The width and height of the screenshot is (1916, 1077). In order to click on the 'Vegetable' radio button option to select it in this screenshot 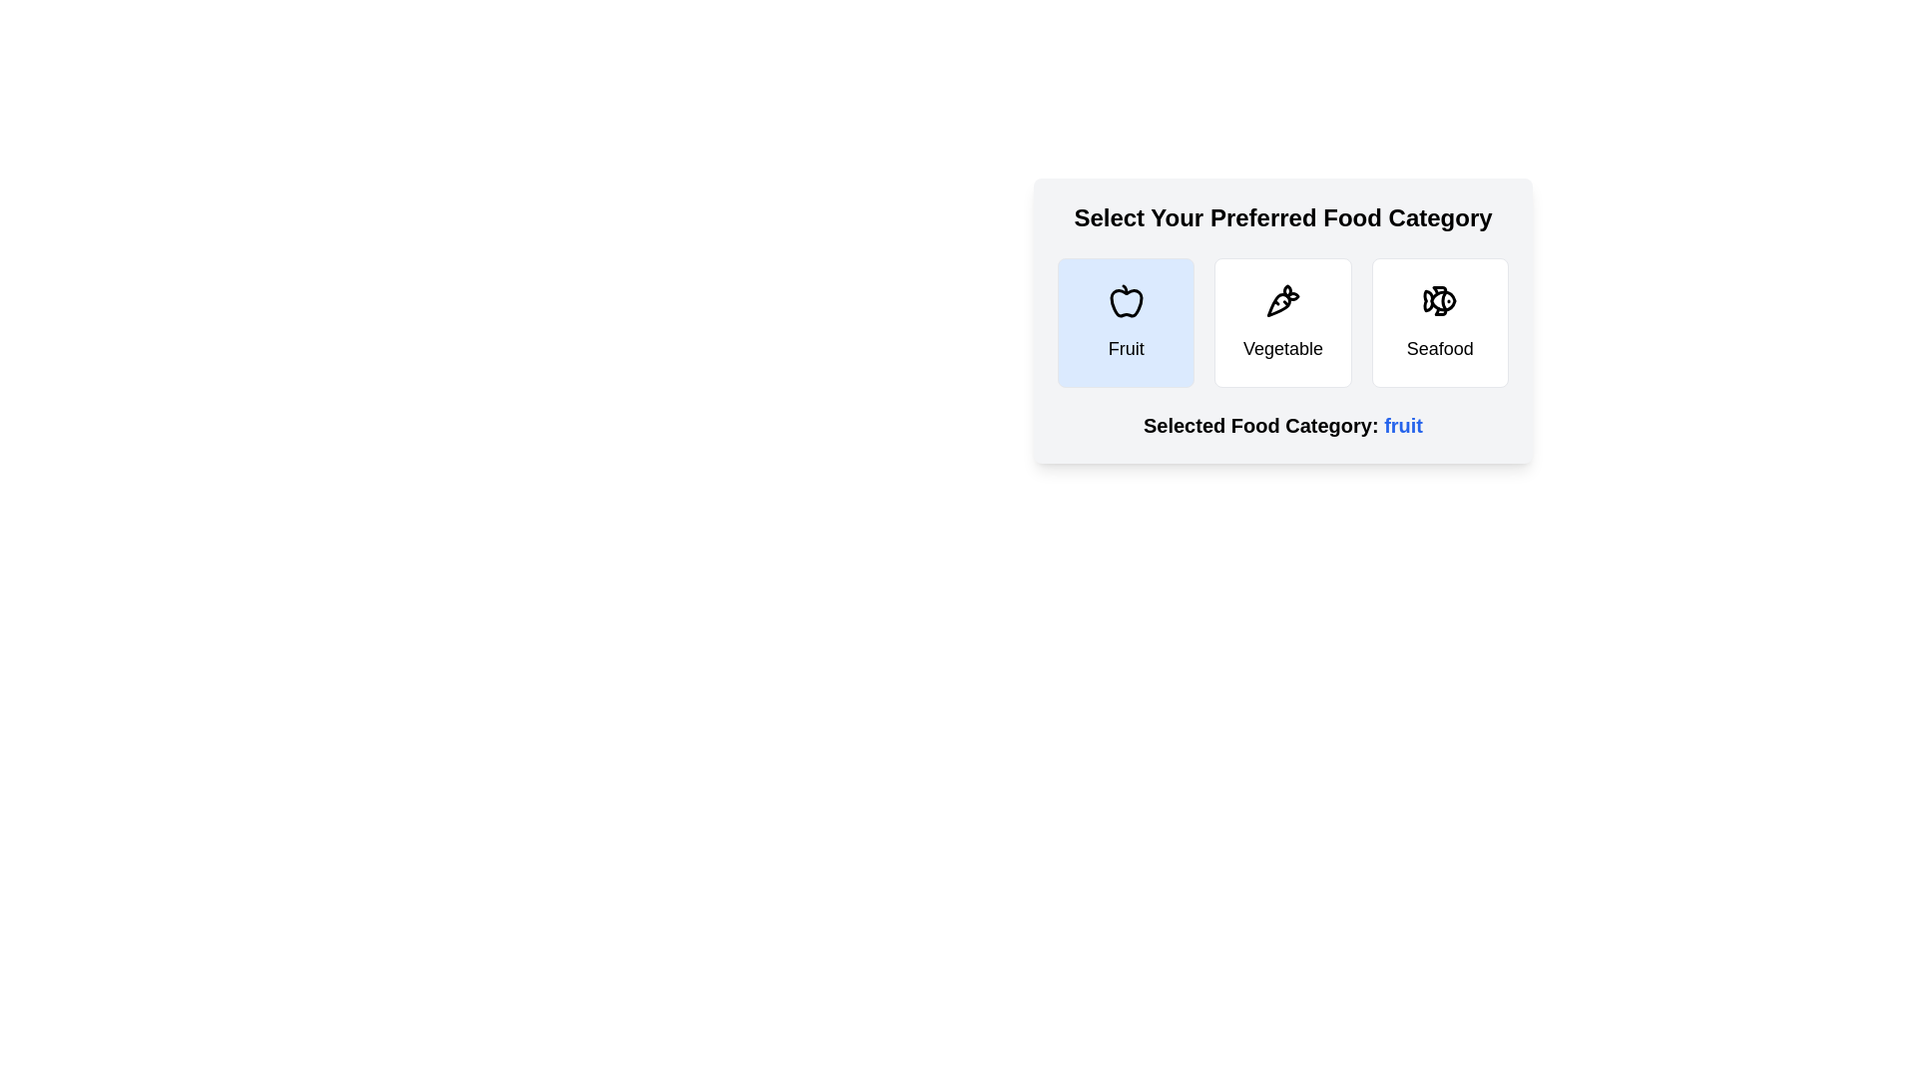, I will do `click(1283, 322)`.